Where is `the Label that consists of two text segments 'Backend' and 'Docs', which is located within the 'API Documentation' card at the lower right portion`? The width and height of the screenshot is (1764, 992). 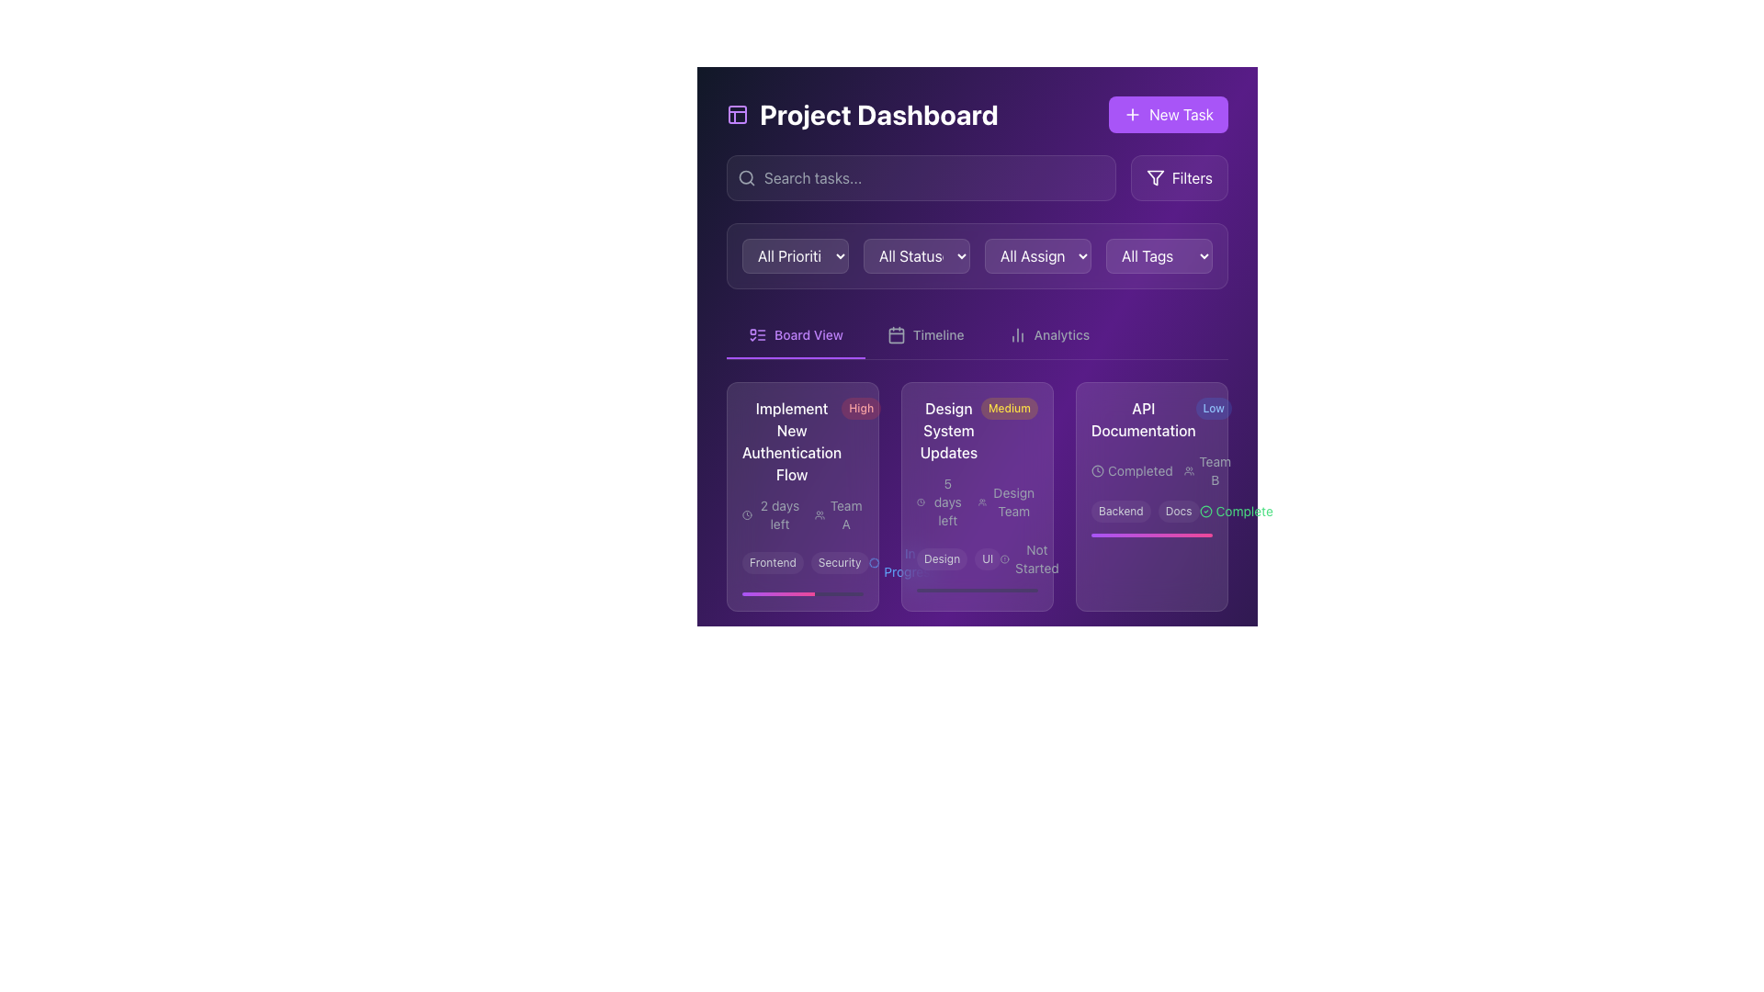
the Label that consists of two text segments 'Backend' and 'Docs', which is located within the 'API Documentation' card at the lower right portion is located at coordinates (1144, 511).